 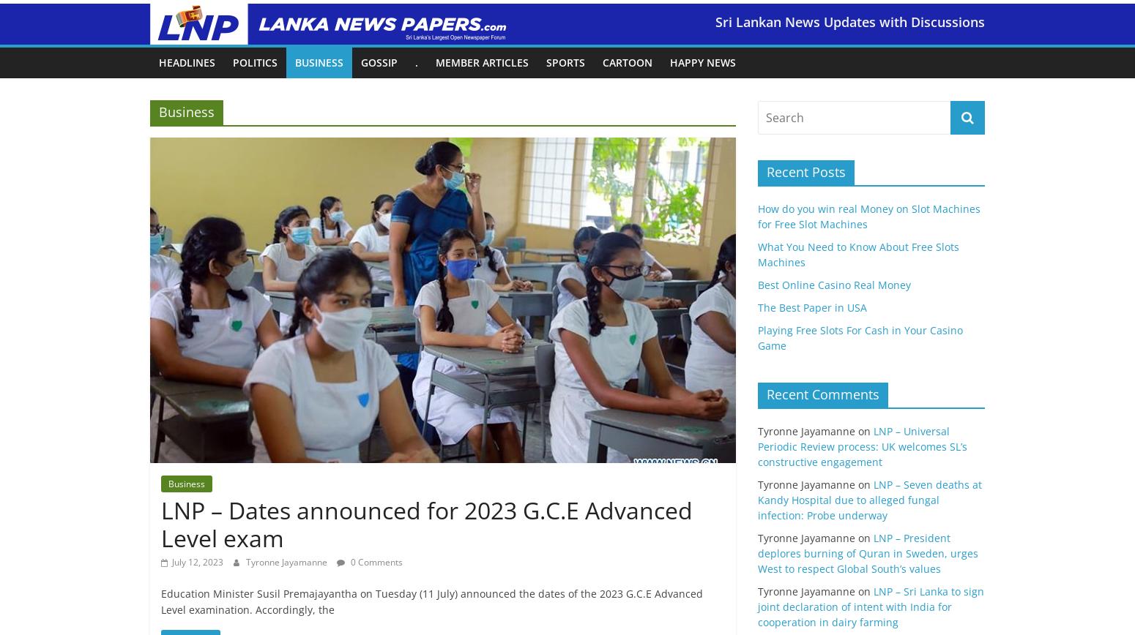 I want to click on 'Recent Posts', so click(x=805, y=171).